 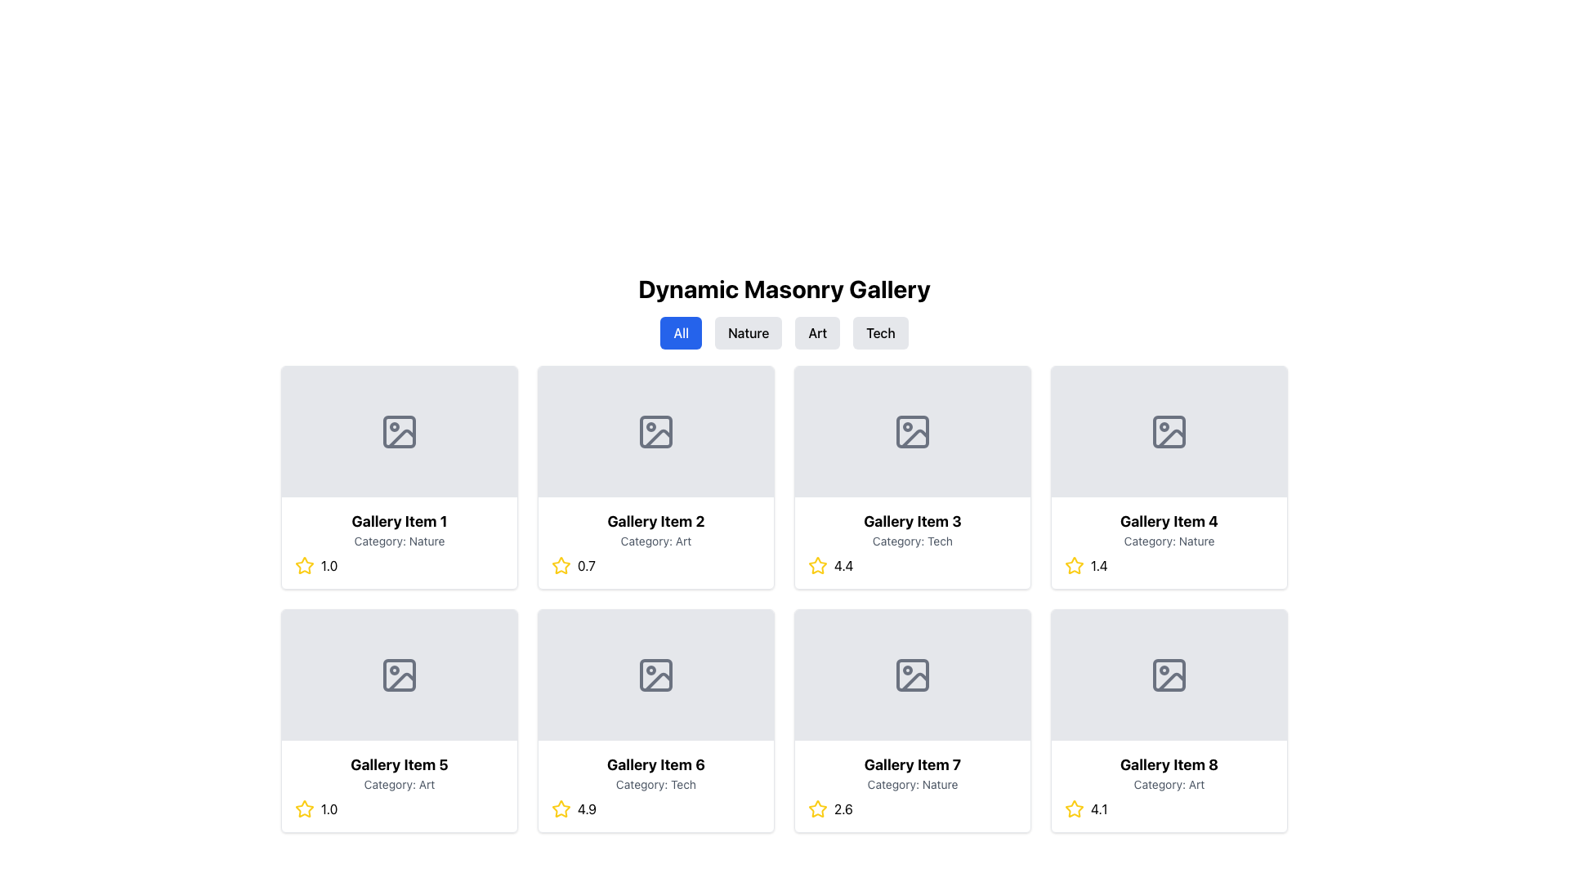 What do you see at coordinates (912, 430) in the screenshot?
I see `the image placeholder icon in the center of the 'Gallery Item 3' card in the grid layout, which is labeled under the category 'Tech'` at bounding box center [912, 430].